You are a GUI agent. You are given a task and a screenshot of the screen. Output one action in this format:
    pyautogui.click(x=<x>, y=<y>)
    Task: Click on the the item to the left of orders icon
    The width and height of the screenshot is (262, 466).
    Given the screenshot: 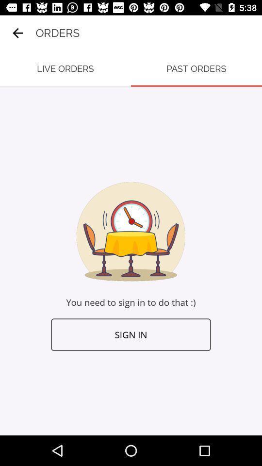 What is the action you would take?
    pyautogui.click(x=17, y=33)
    